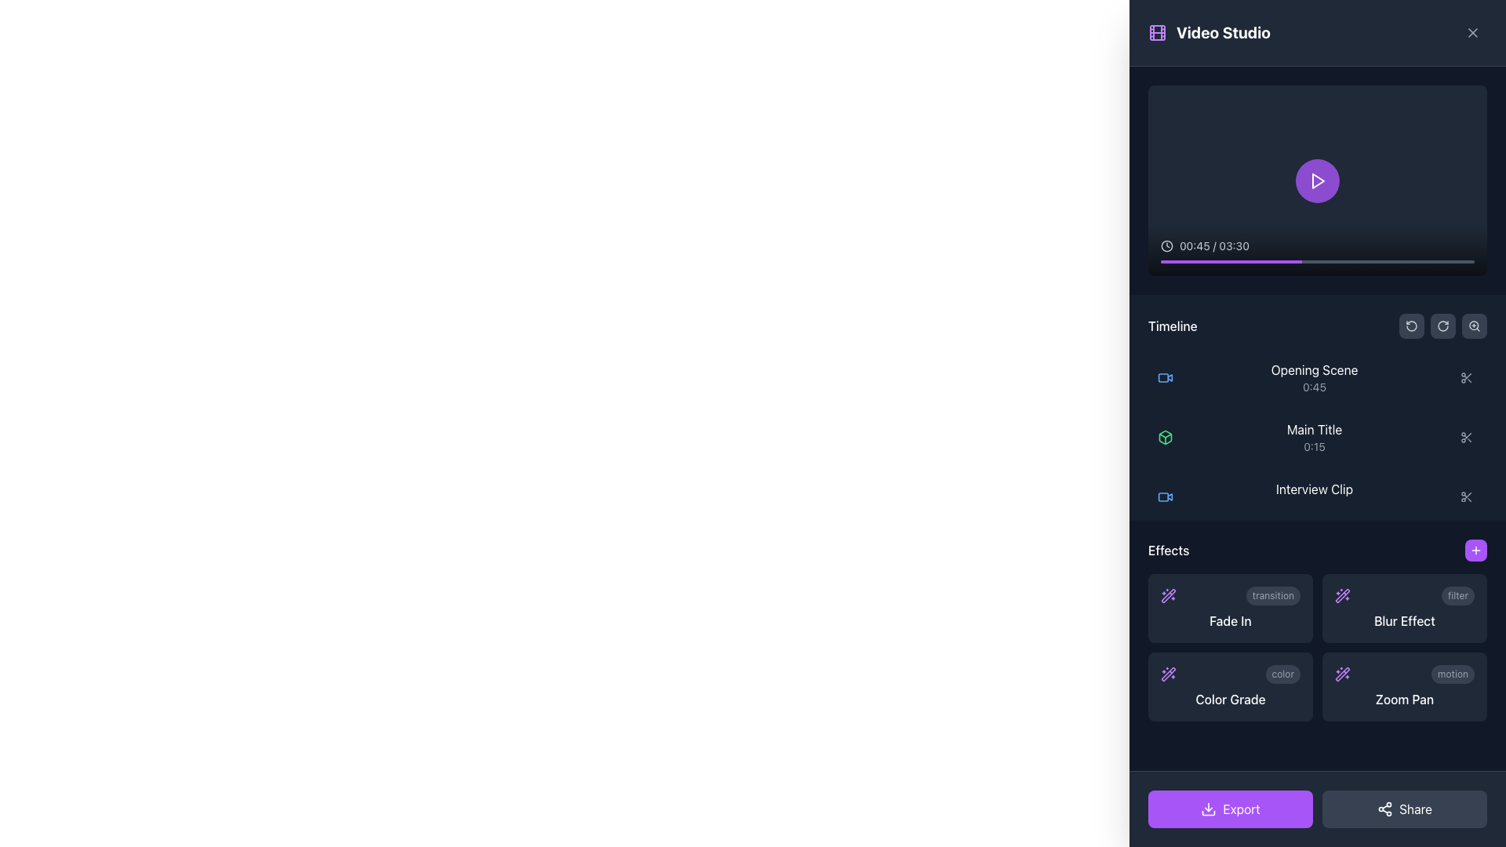 This screenshot has width=1506, height=847. Describe the element at coordinates (1475, 550) in the screenshot. I see `the purple circular button with a plus-like icon in the 'Effects' section` at that location.